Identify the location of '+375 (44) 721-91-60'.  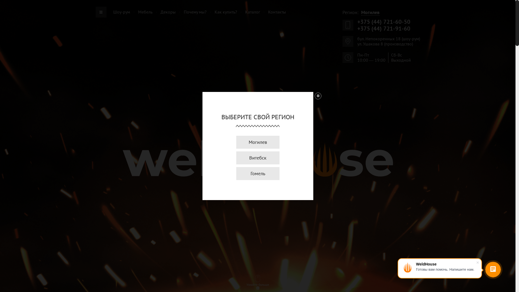
(384, 28).